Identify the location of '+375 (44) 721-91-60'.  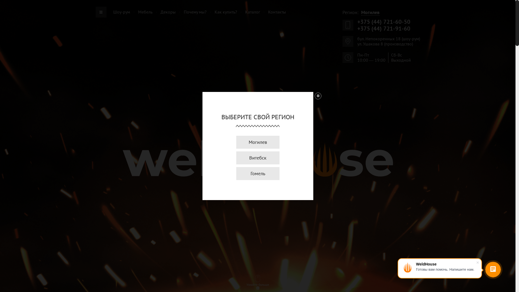
(384, 28).